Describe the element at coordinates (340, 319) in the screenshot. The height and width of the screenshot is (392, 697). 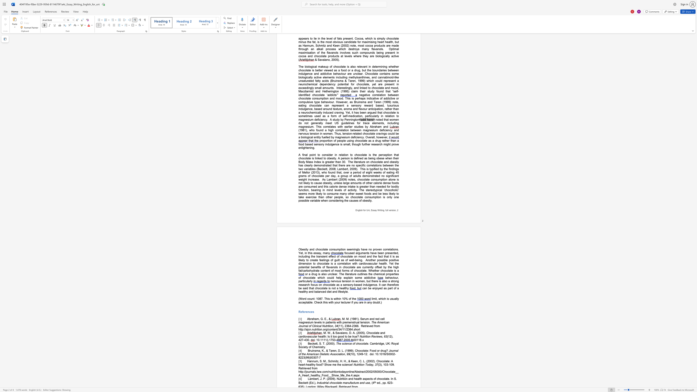
I see `the subset text ", M. M. (1981). Serum and red cell magnesiu" within the text ", M. M. (1981). Serum and red cell magnesium levels in patients with premenstrual tension."` at that location.